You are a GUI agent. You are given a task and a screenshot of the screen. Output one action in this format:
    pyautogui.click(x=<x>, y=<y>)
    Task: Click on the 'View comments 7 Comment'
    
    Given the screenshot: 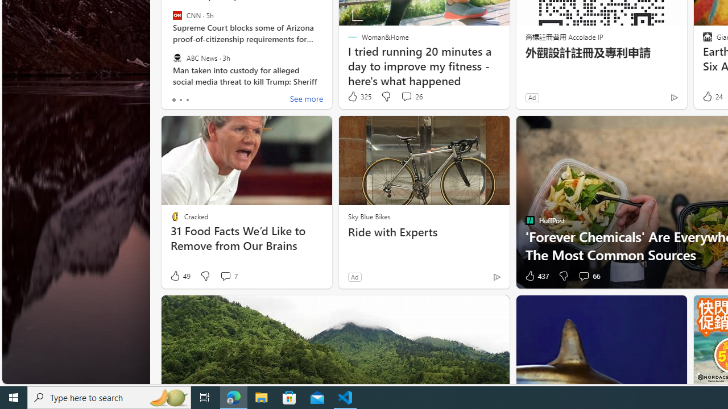 What is the action you would take?
    pyautogui.click(x=227, y=276)
    